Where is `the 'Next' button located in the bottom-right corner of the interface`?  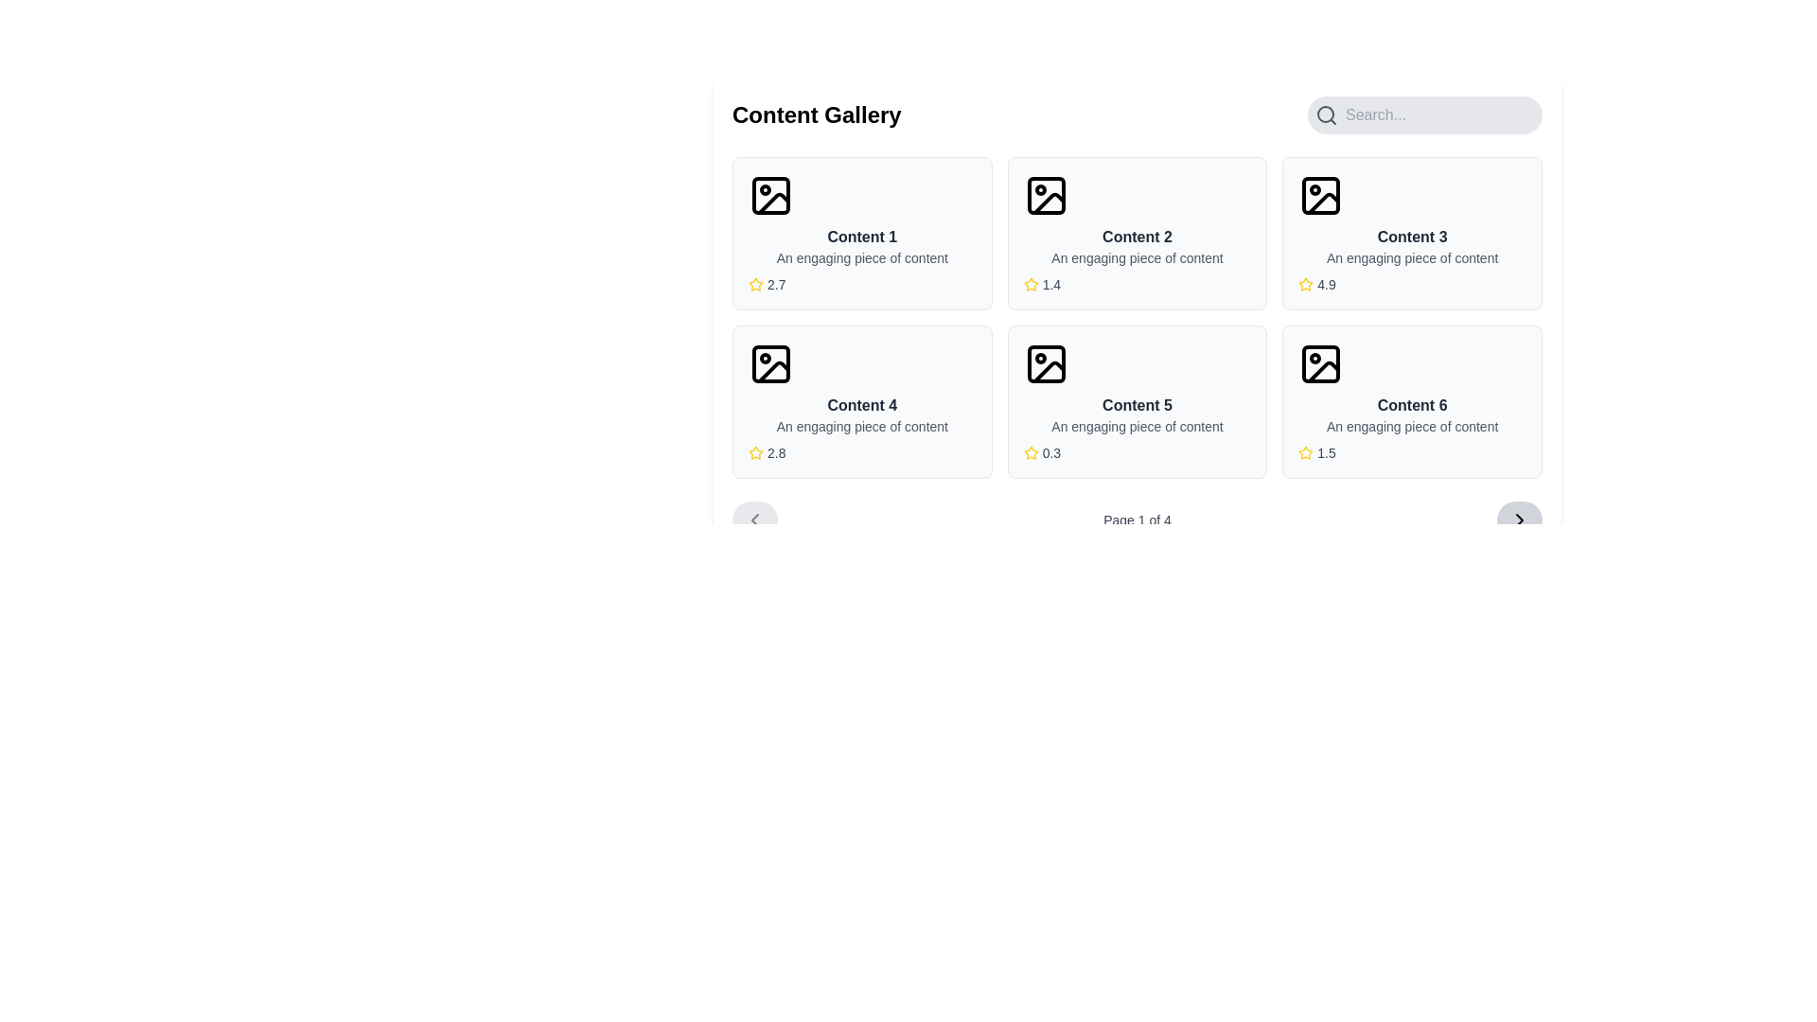 the 'Next' button located in the bottom-right corner of the interface is located at coordinates (1520, 520).